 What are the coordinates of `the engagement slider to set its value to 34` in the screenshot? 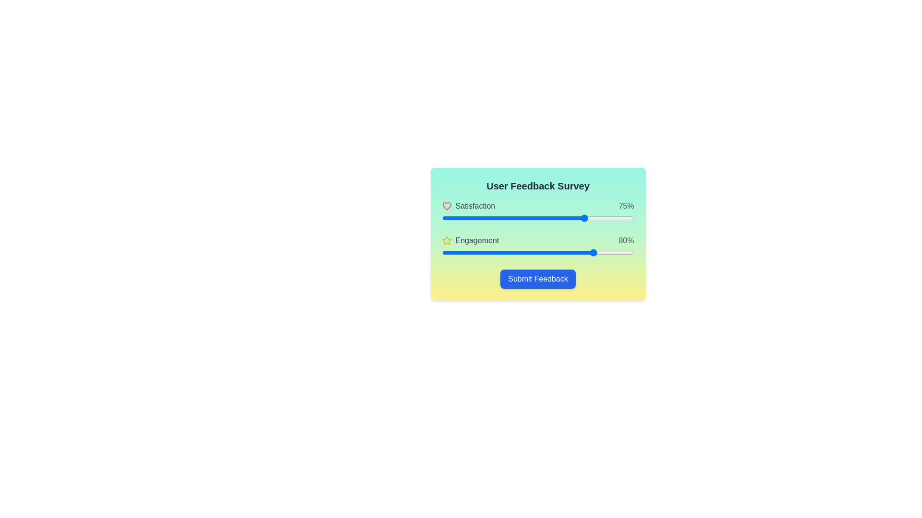 It's located at (507, 252).